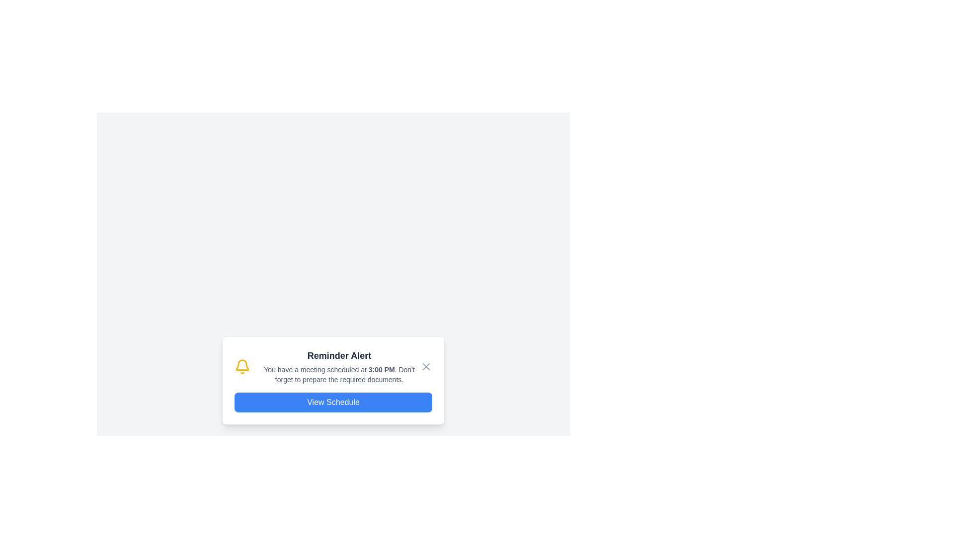 This screenshot has width=954, height=536. Describe the element at coordinates (333, 402) in the screenshot. I see `the 'View Schedule' button located at the bottom of the 'Reminder Alert' notification card to observe the hover effects` at that location.